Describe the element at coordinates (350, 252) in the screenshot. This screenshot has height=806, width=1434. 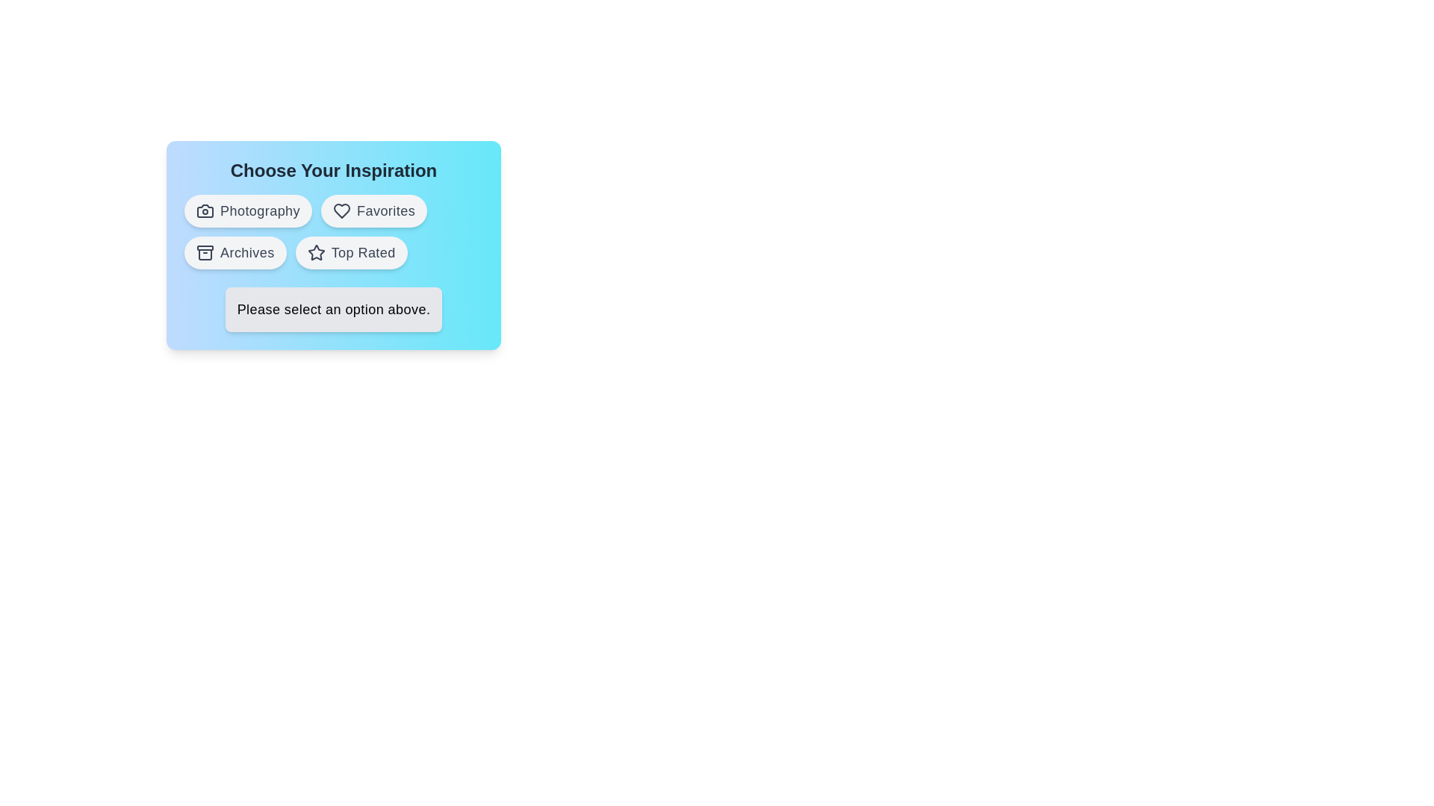
I see `the 'Top Rated' button located in the bottom-right corner of the options grid` at that location.